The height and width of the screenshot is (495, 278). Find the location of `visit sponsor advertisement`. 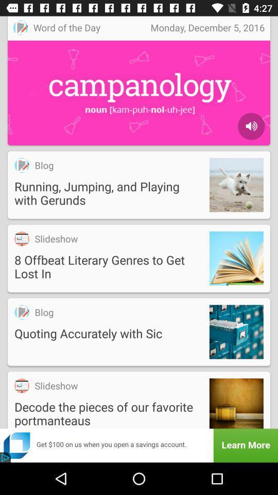

visit sponsor advertisement is located at coordinates (139, 445).